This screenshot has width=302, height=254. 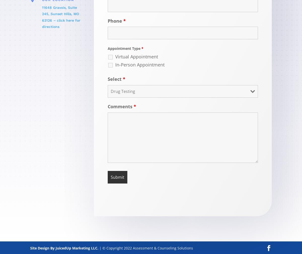 I want to click on 'Site Design By JuicedUp Marketing LLC.', so click(x=64, y=248).